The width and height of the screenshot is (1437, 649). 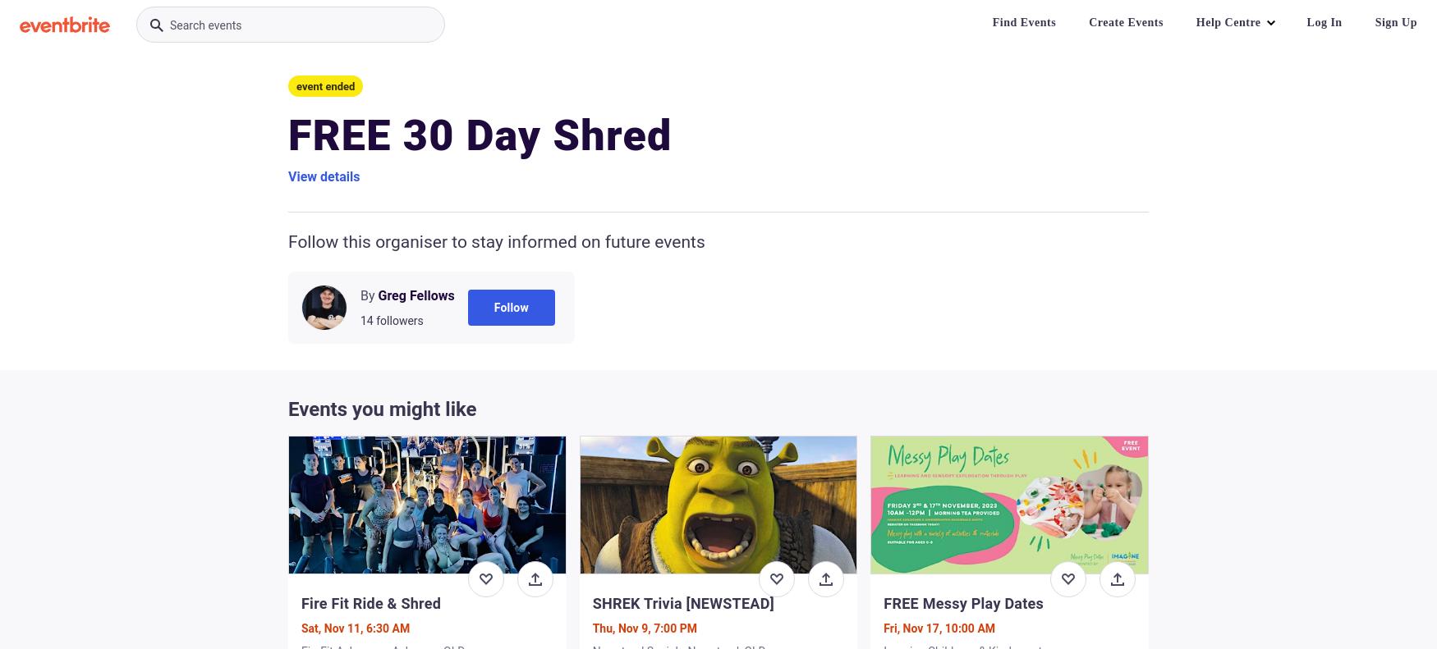 I want to click on 'Sat, Nov 11, 6:30 AM', so click(x=354, y=628).